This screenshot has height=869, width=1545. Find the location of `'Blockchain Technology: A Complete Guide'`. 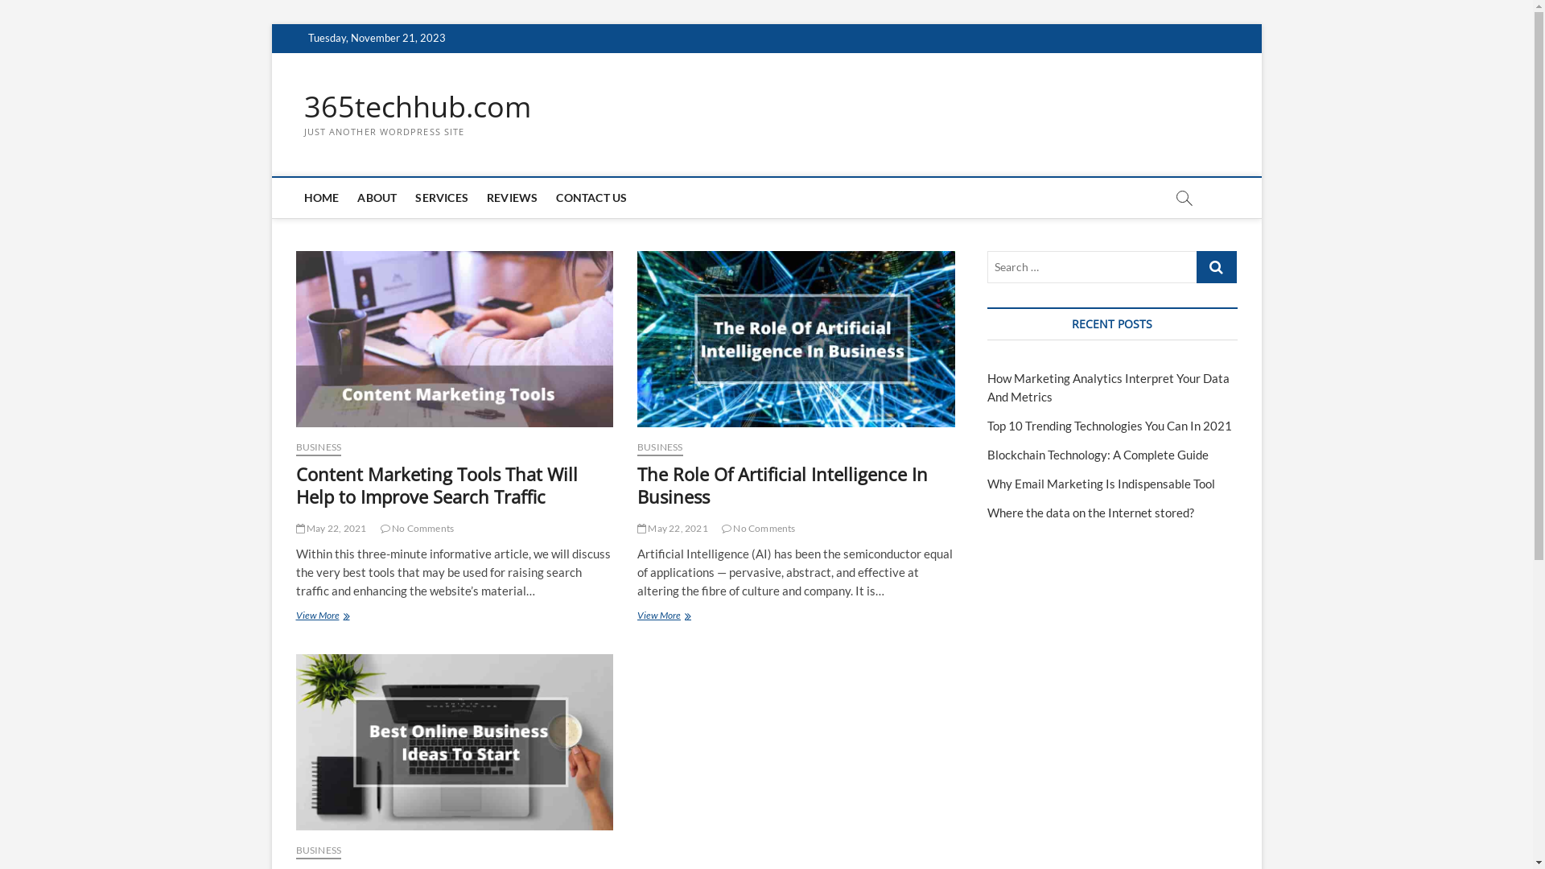

'Blockchain Technology: A Complete Guide' is located at coordinates (1096, 454).